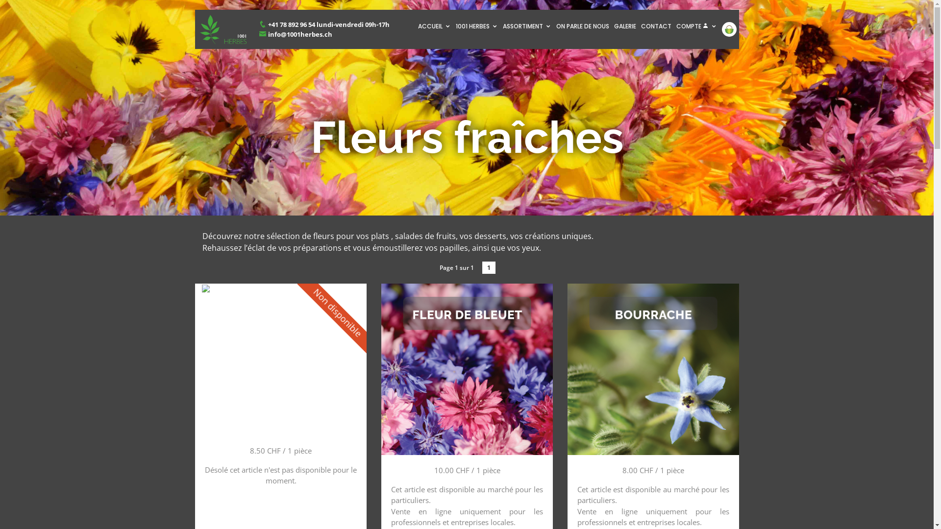  Describe the element at coordinates (434, 26) in the screenshot. I see `'ACCUEIL'` at that location.